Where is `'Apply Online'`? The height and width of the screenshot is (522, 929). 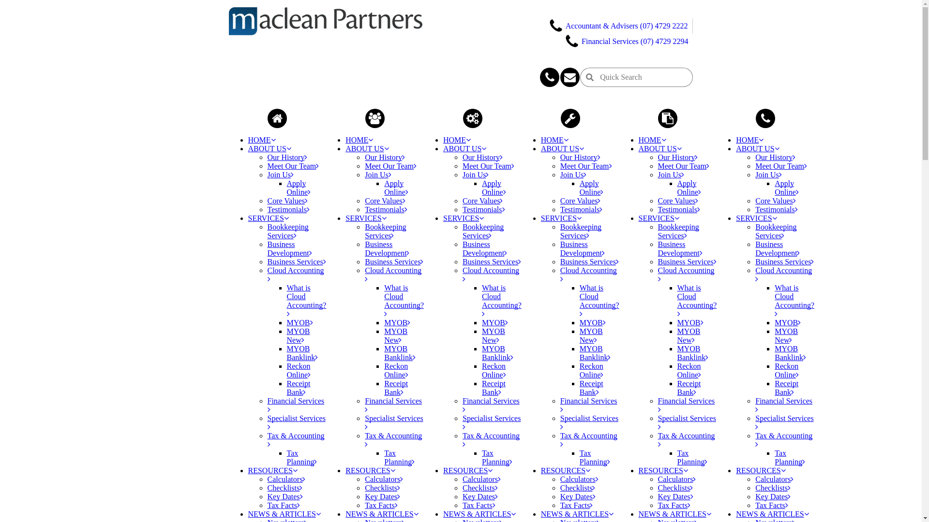 'Apply Online' is located at coordinates (787, 188).